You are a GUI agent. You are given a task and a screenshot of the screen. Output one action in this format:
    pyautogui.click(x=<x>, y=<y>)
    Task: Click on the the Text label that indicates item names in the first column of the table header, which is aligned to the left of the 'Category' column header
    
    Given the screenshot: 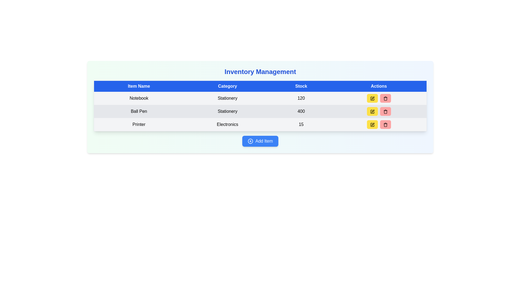 What is the action you would take?
    pyautogui.click(x=139, y=86)
    